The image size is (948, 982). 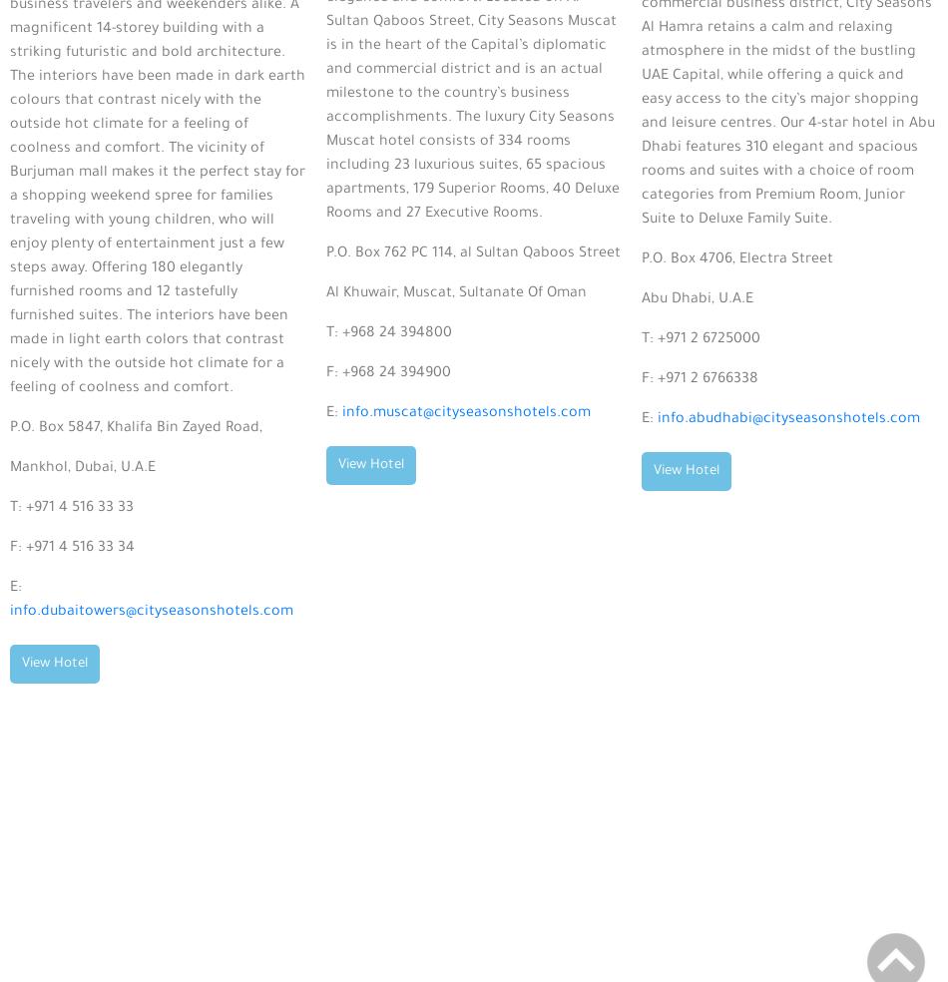 I want to click on 'Mankhol, Dubai, U.A.E', so click(x=83, y=468).